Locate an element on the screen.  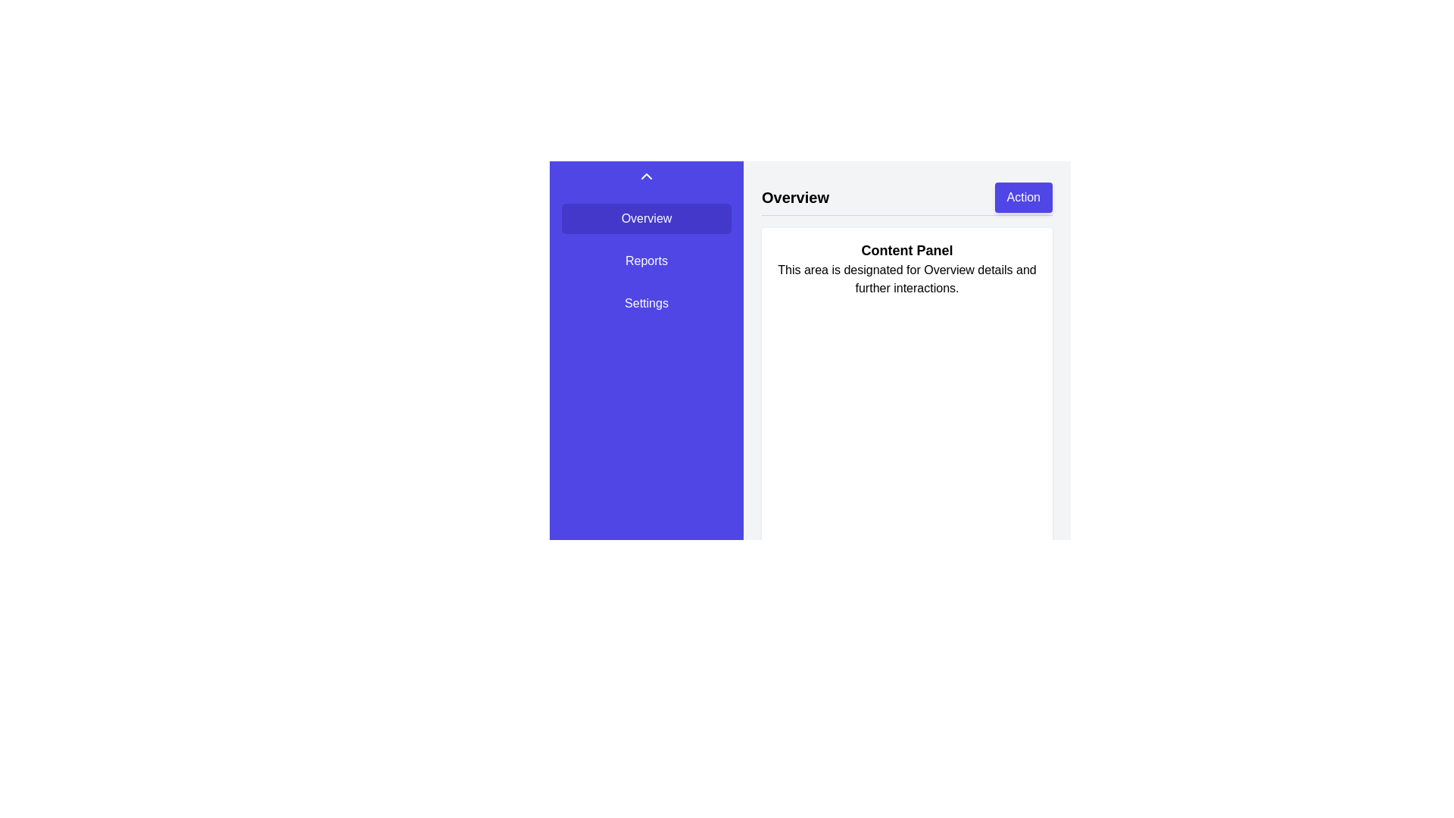
the 'Reports' button, which is a text label in a purple button located in the sidebar, positioned between the 'Overview' and 'Settings' buttons is located at coordinates (647, 260).